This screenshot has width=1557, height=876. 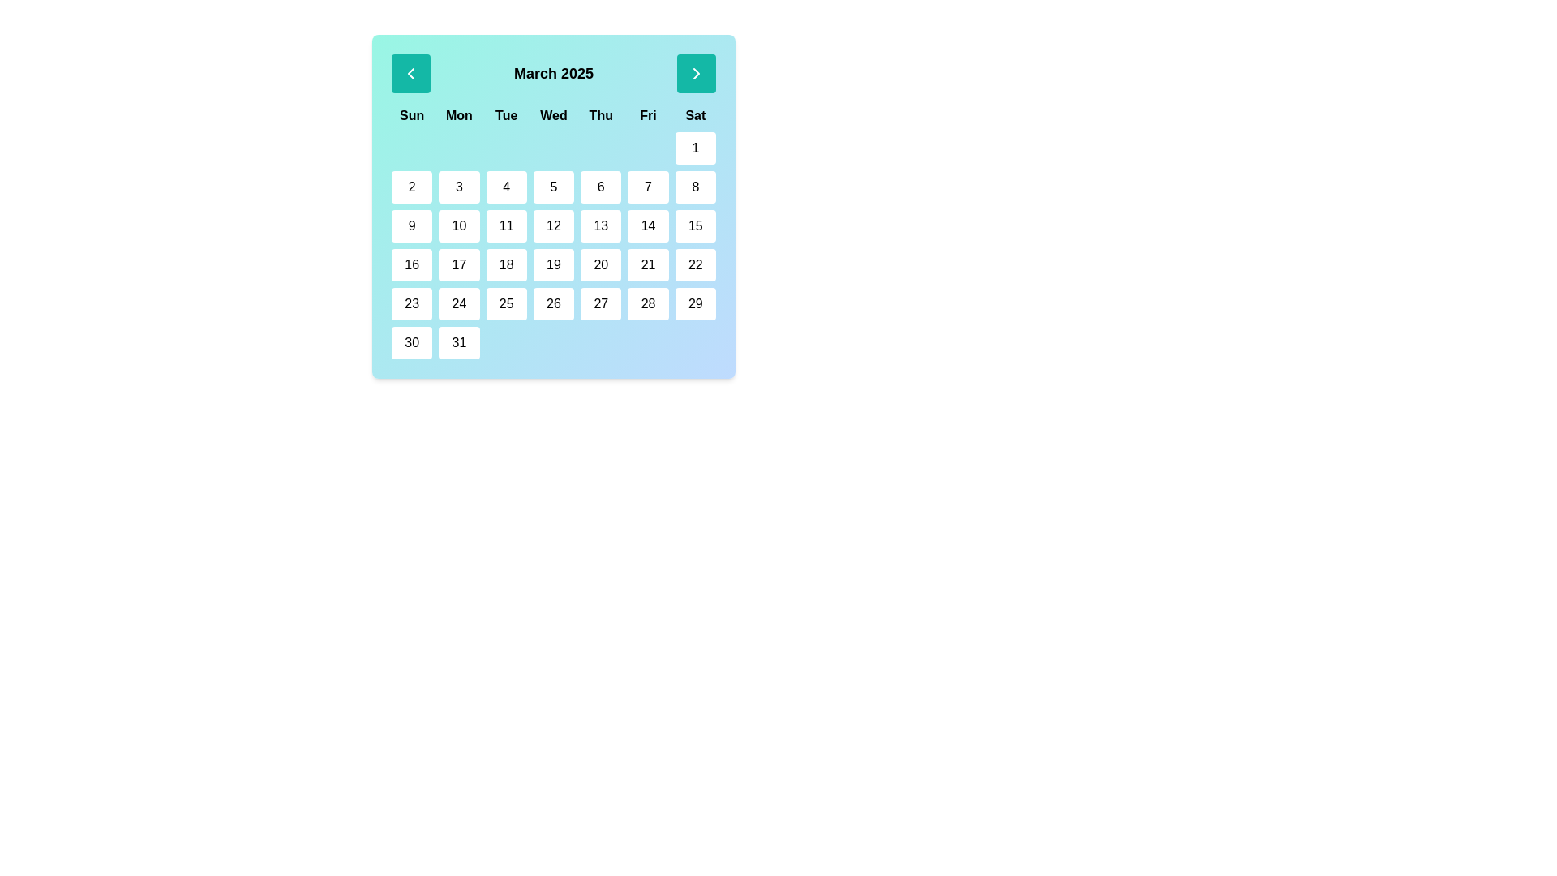 What do you see at coordinates (458, 187) in the screenshot?
I see `the Calendar day button labeled '3'` at bounding box center [458, 187].